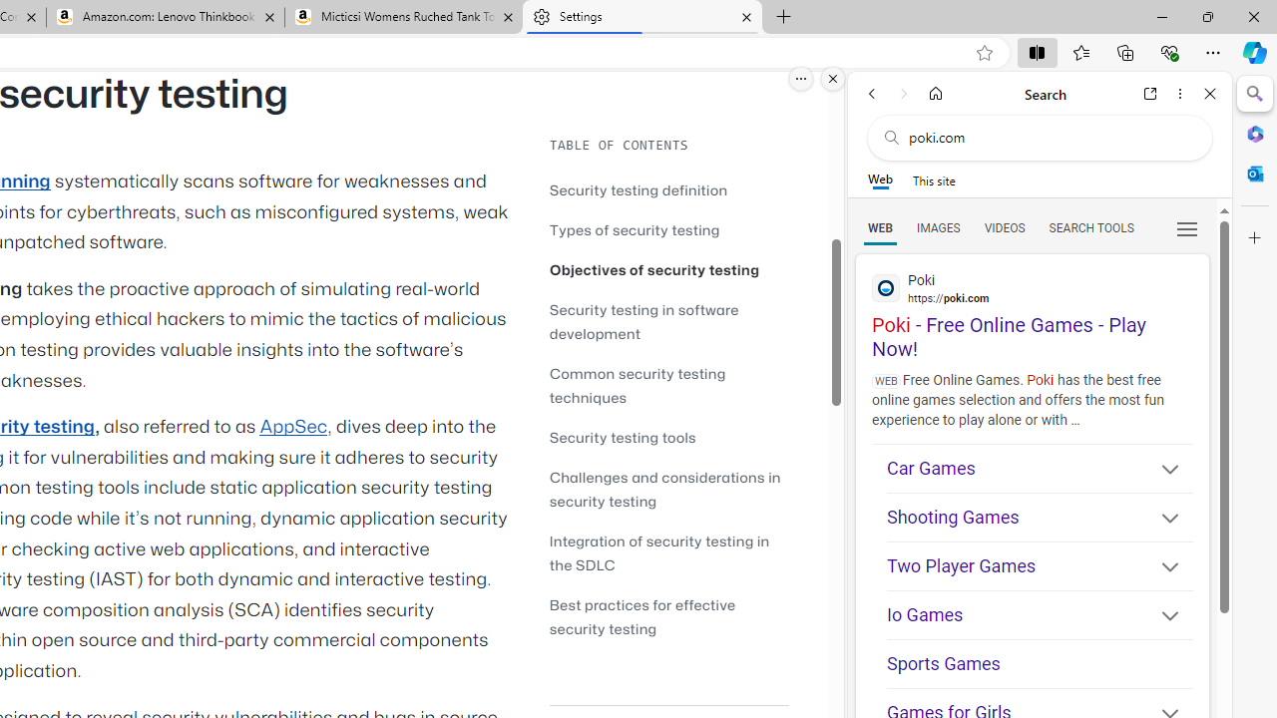 The height and width of the screenshot is (718, 1277). I want to click on 'Objectives of security testing', so click(668, 269).